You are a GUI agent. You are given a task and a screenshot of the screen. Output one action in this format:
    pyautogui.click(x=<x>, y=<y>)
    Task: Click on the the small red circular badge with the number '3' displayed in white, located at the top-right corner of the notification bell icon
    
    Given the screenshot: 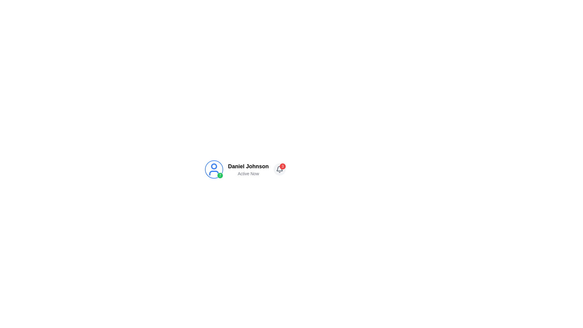 What is the action you would take?
    pyautogui.click(x=282, y=166)
    